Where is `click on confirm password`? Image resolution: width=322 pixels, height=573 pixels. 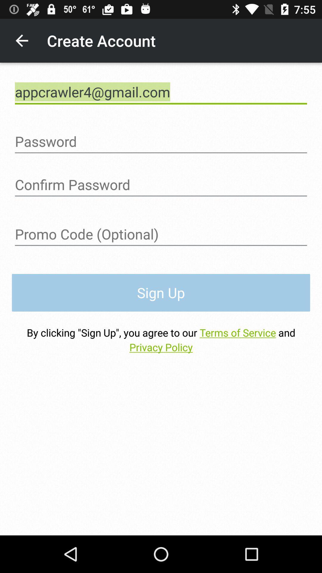
click on confirm password is located at coordinates (161, 184).